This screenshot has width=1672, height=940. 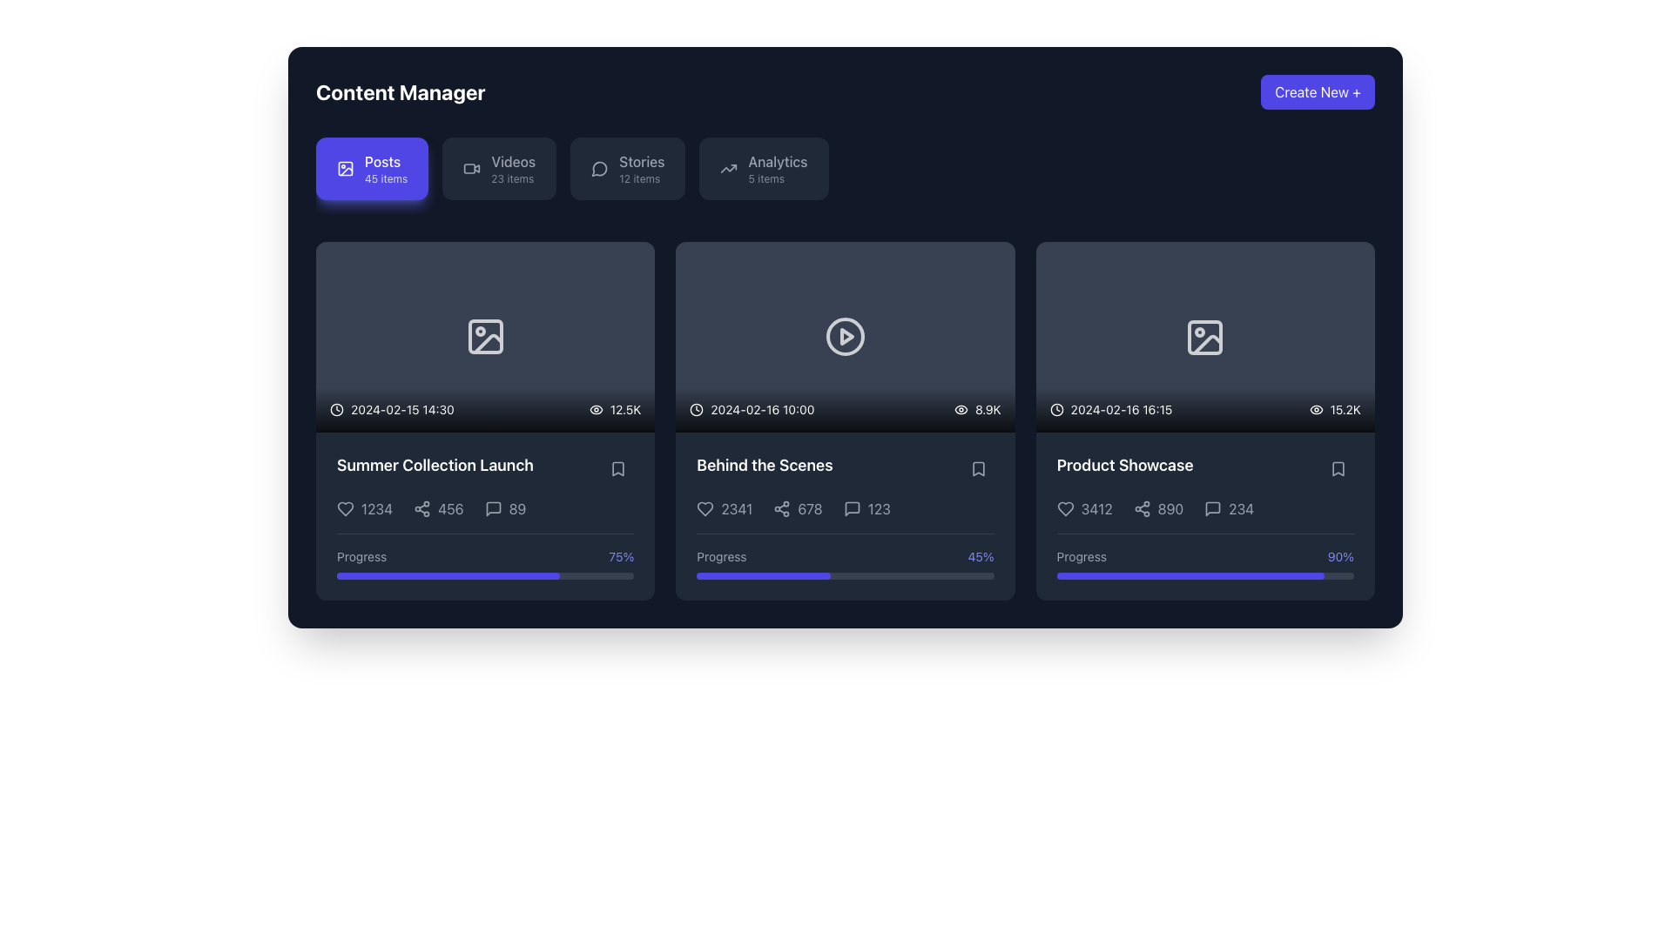 I want to click on the circular play button icon with a graphical play symbol for keyboard navigation by moving the cursor to its center, so click(x=845, y=337).